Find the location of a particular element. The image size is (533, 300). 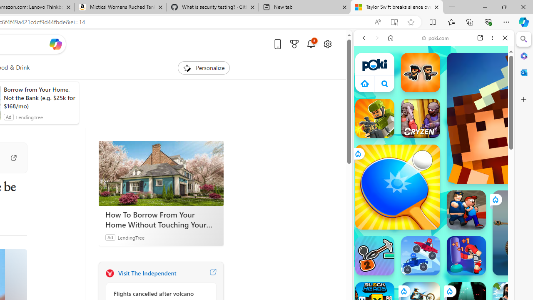

'Battle Wheels Battle Wheels' is located at coordinates (420, 255).